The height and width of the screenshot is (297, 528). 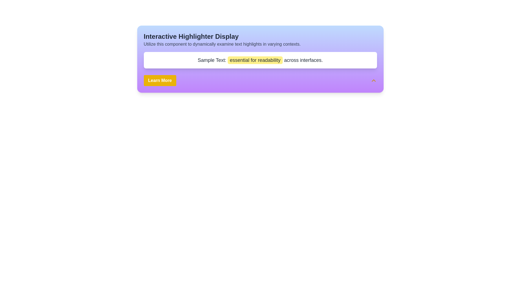 What do you see at coordinates (260, 44) in the screenshot?
I see `the explanatory text located directly below the title 'Interactive Highlighter Display', which provides context for the interface` at bounding box center [260, 44].